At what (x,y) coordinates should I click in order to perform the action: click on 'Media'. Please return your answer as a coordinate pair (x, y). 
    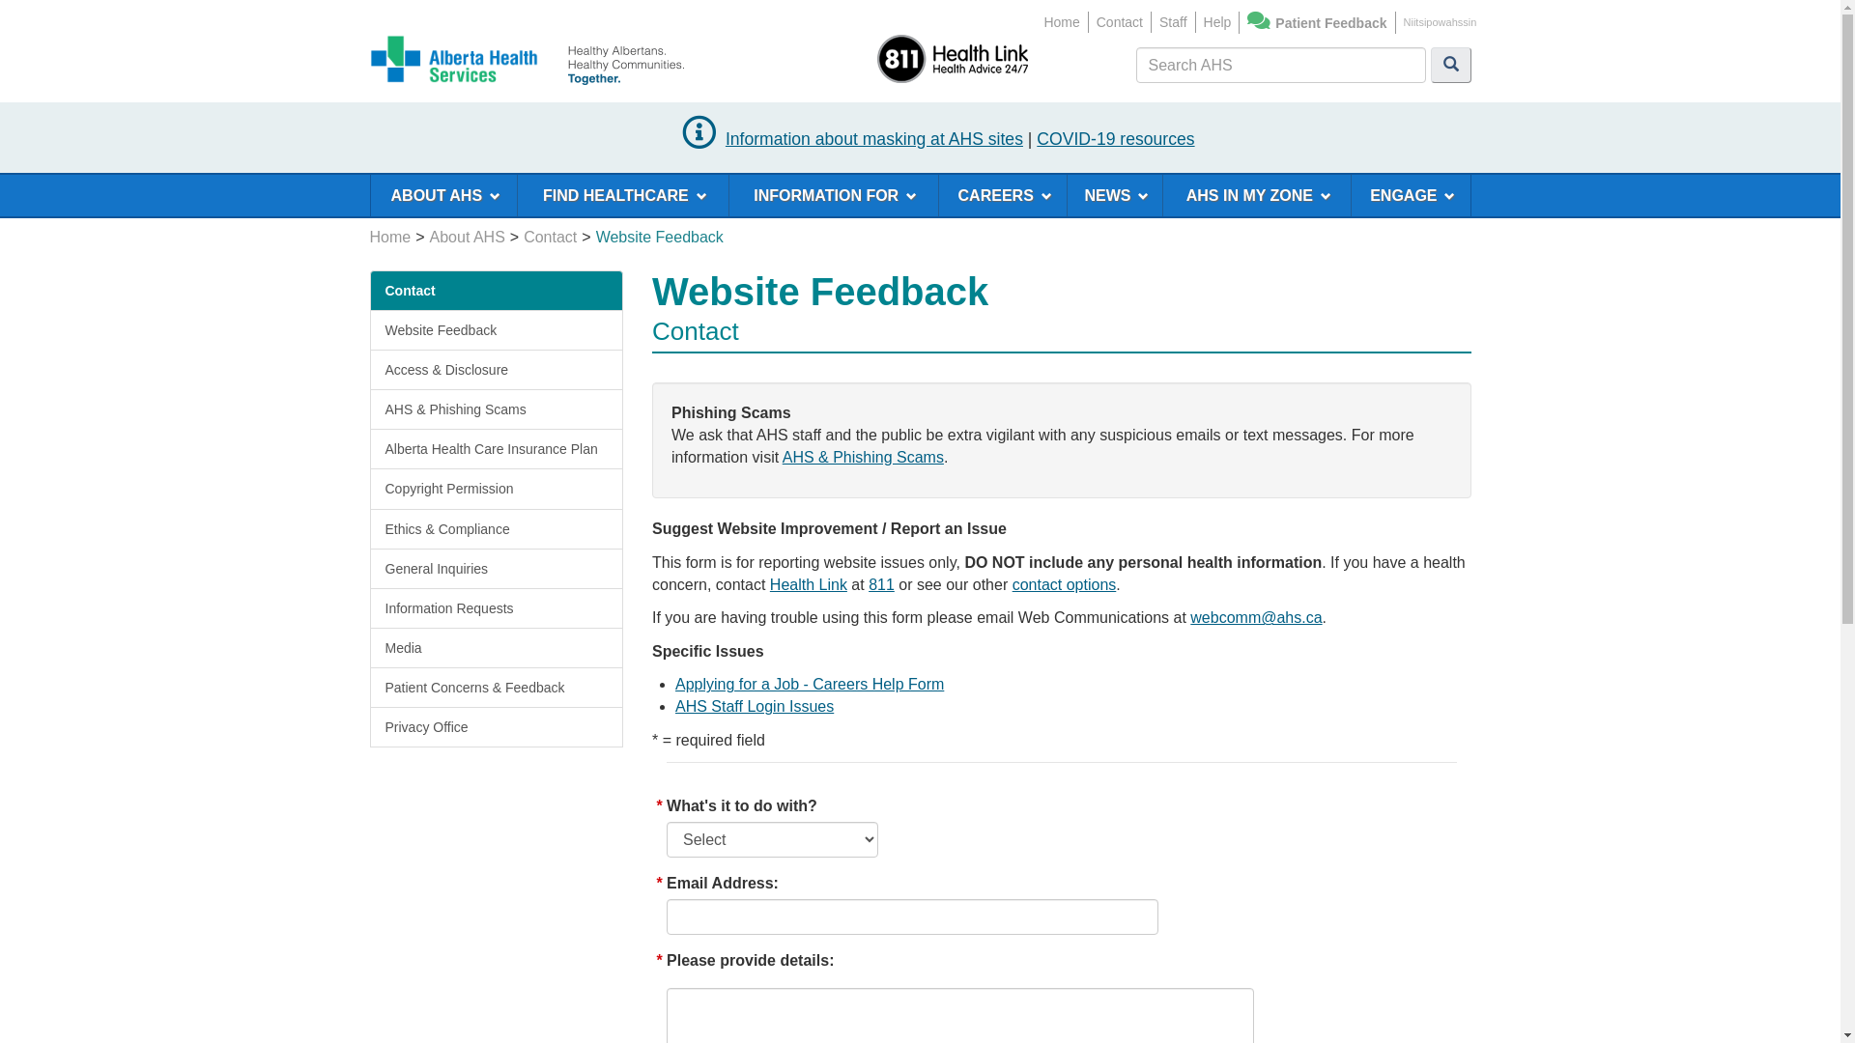
    Looking at the image, I should click on (369, 648).